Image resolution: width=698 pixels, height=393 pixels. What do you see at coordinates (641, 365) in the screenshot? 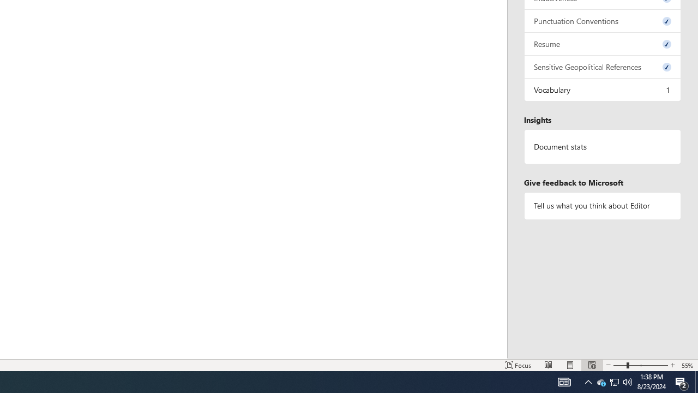
I see `'Zoom'` at bounding box center [641, 365].